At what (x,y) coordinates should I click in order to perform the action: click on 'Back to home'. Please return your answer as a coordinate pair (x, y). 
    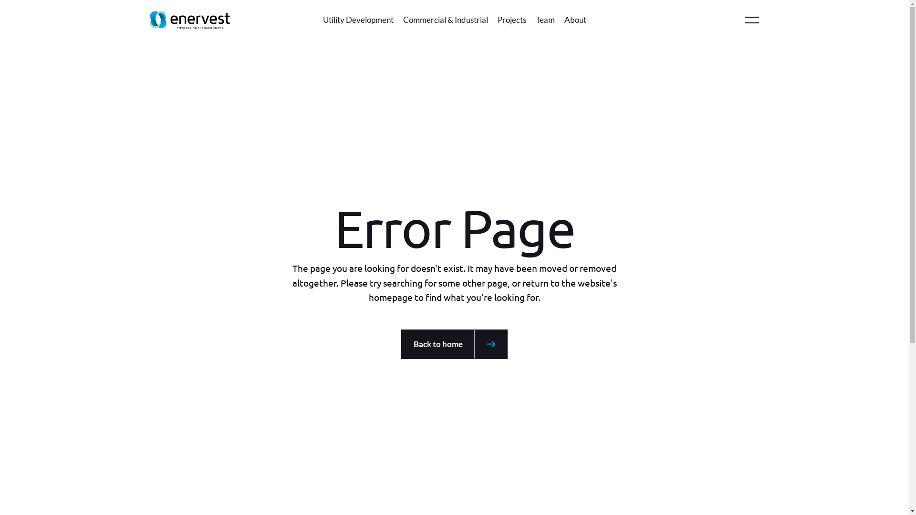
    Looking at the image, I should click on (454, 344).